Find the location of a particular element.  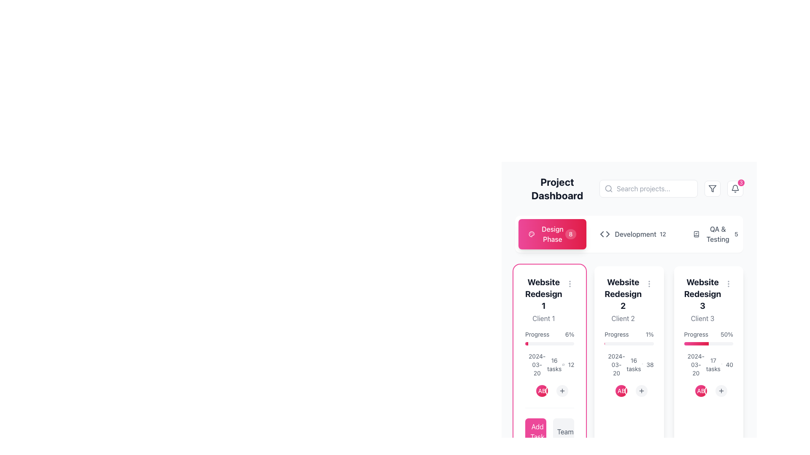

the interactive menu trigger button located in the top-right corner of the 'Website Redesign 2' card is located at coordinates (649, 284).